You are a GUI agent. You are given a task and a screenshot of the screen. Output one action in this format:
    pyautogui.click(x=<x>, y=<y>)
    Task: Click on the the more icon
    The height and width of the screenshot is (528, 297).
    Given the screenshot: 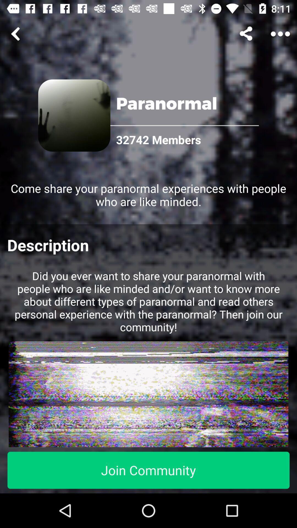 What is the action you would take?
    pyautogui.click(x=280, y=34)
    